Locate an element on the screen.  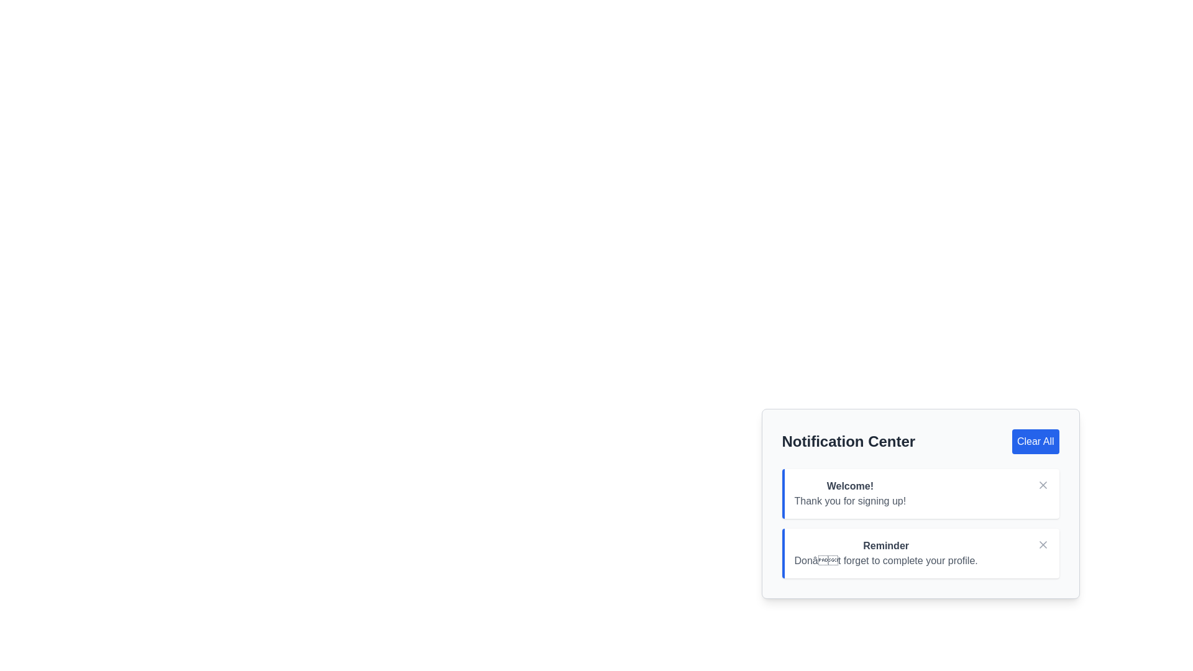
text element titled 'Welcome!' with the message 'Thank you for signing up!' located in the Notification Center, positioned just below the 'Notification Center' title is located at coordinates (854, 493).